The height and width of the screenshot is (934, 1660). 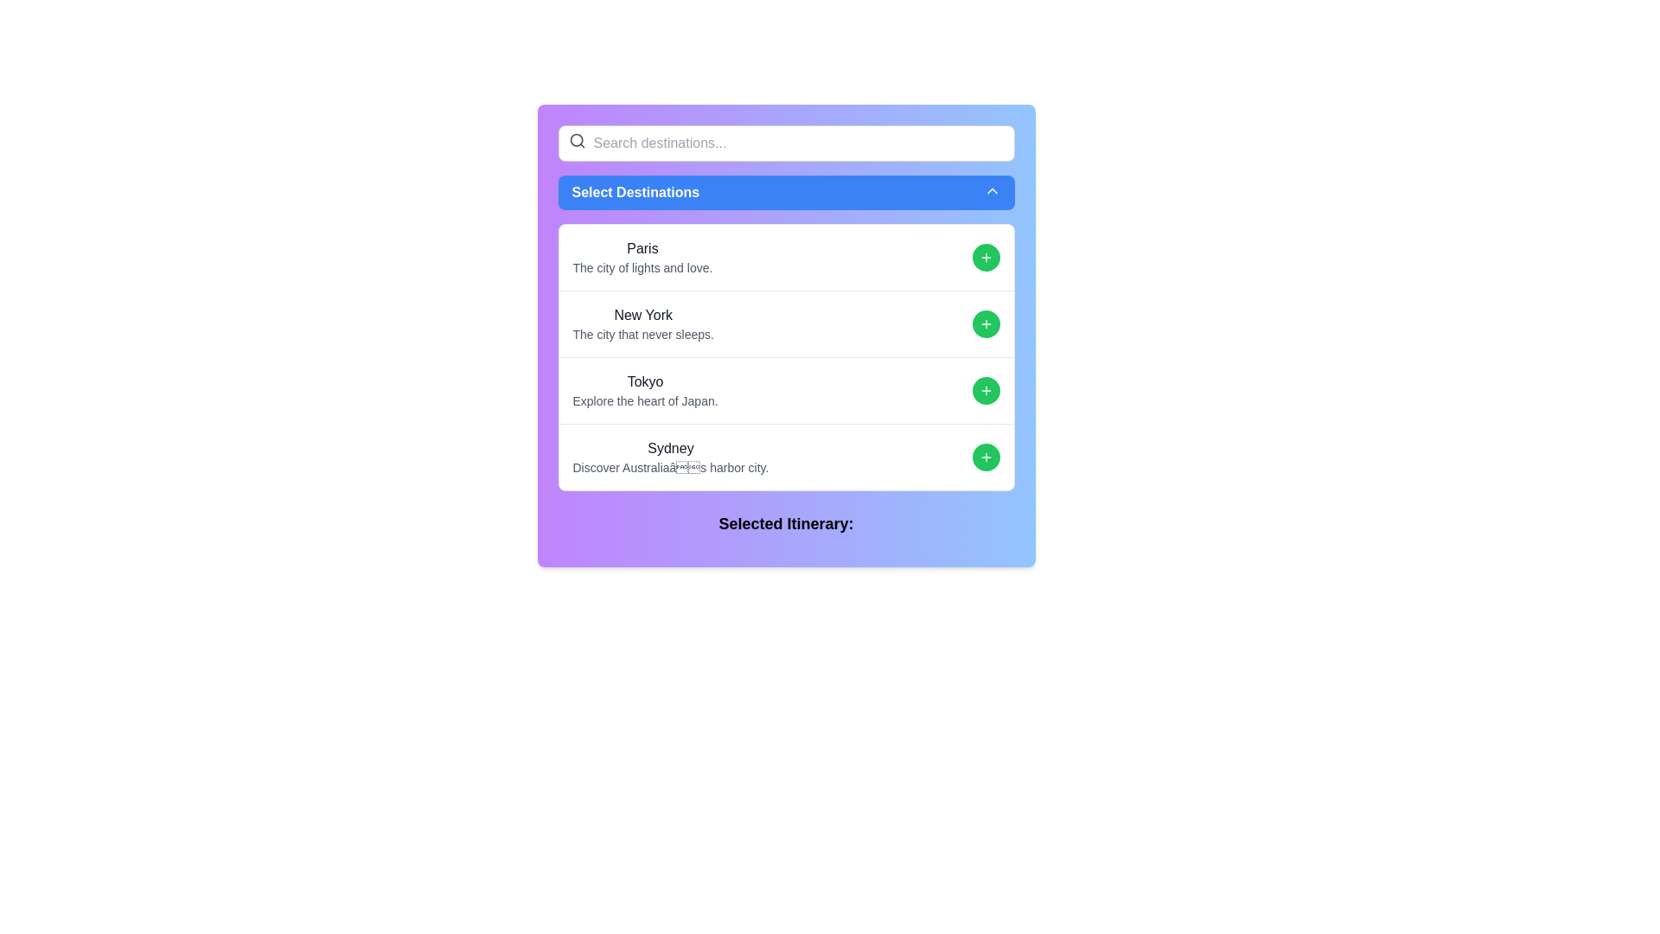 What do you see at coordinates (986, 456) in the screenshot?
I see `the button for adding 'Sydney' to the selected itinerary, located in the last row of the 'Select Destinations' list, beside the text 'Sydney - Discover Australia’s harbor city.'` at bounding box center [986, 456].